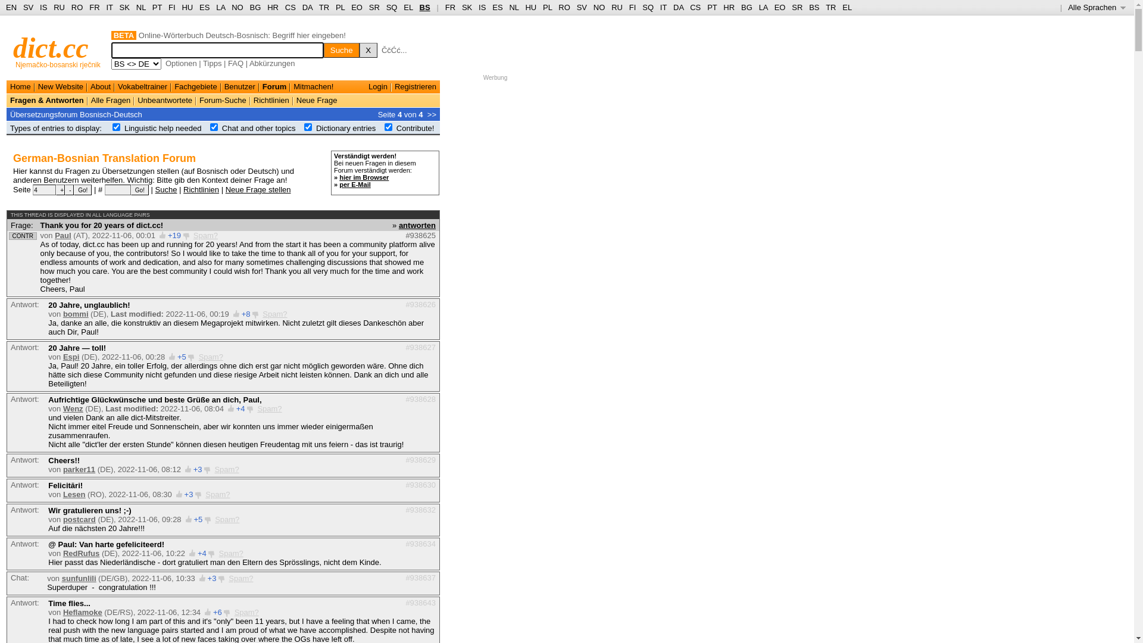  What do you see at coordinates (313, 86) in the screenshot?
I see `'Mitmachen!'` at bounding box center [313, 86].